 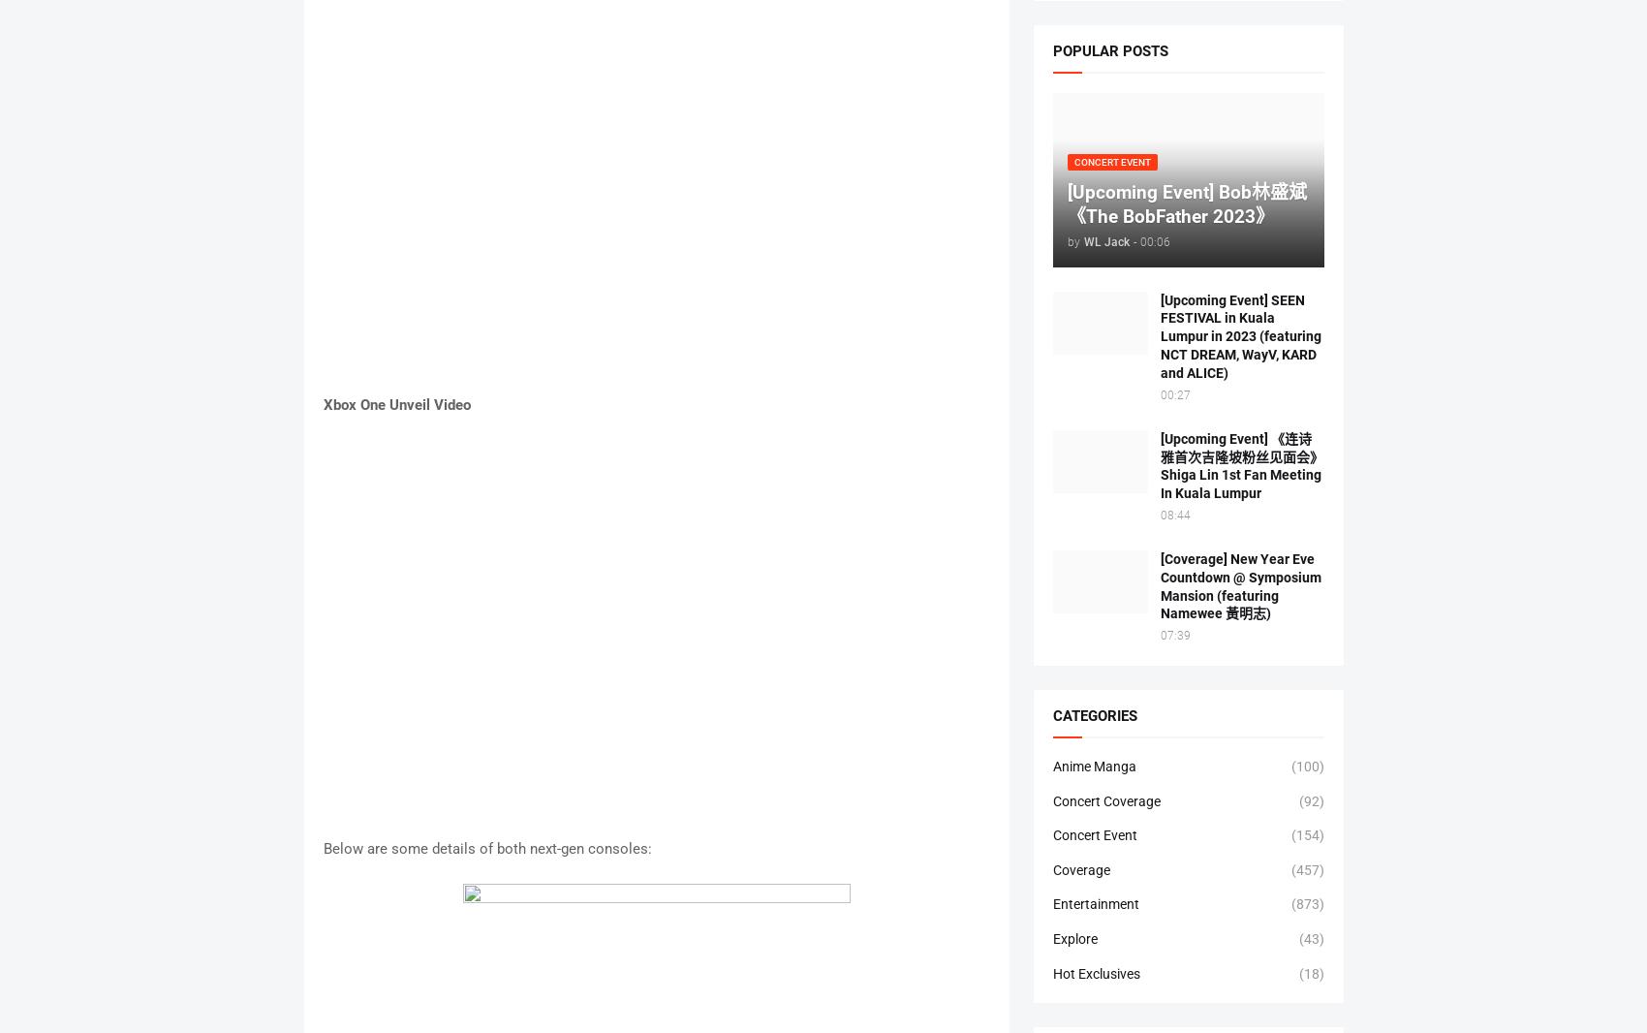 What do you see at coordinates (1306, 903) in the screenshot?
I see `'(873)'` at bounding box center [1306, 903].